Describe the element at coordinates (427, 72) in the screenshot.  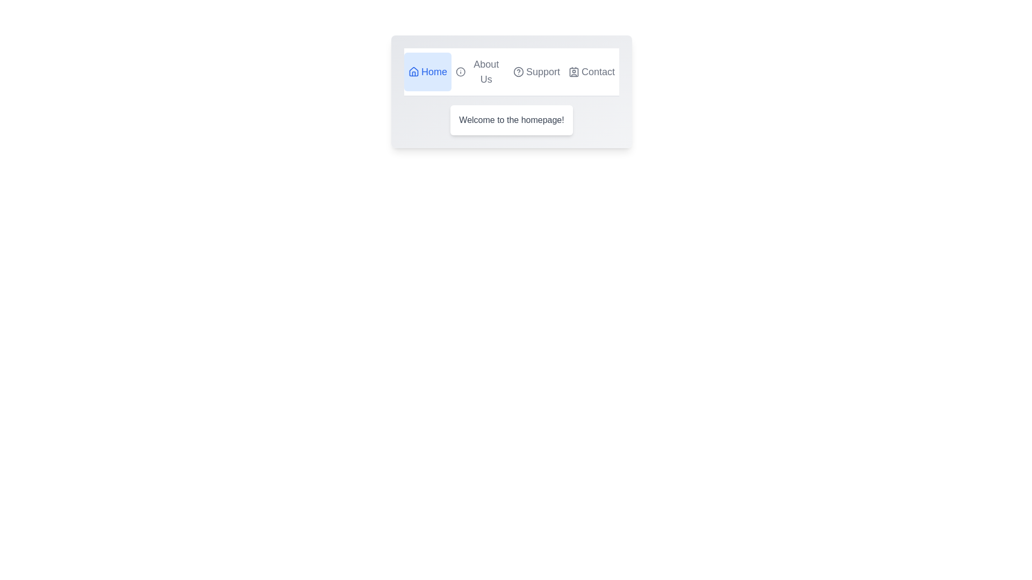
I see `the tab labeled Home to switch to its view` at that location.